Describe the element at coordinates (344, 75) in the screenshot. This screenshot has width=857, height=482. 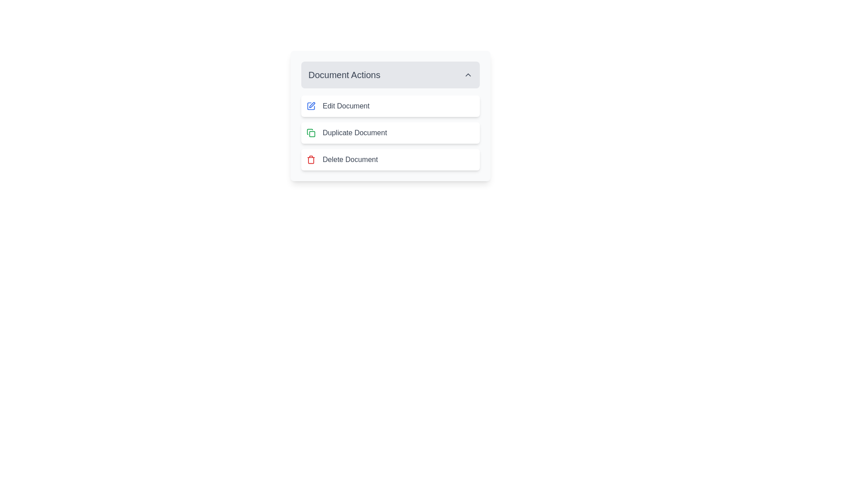
I see `the text label reading 'Document Actions' located in the top-left section of the control panel card` at that location.